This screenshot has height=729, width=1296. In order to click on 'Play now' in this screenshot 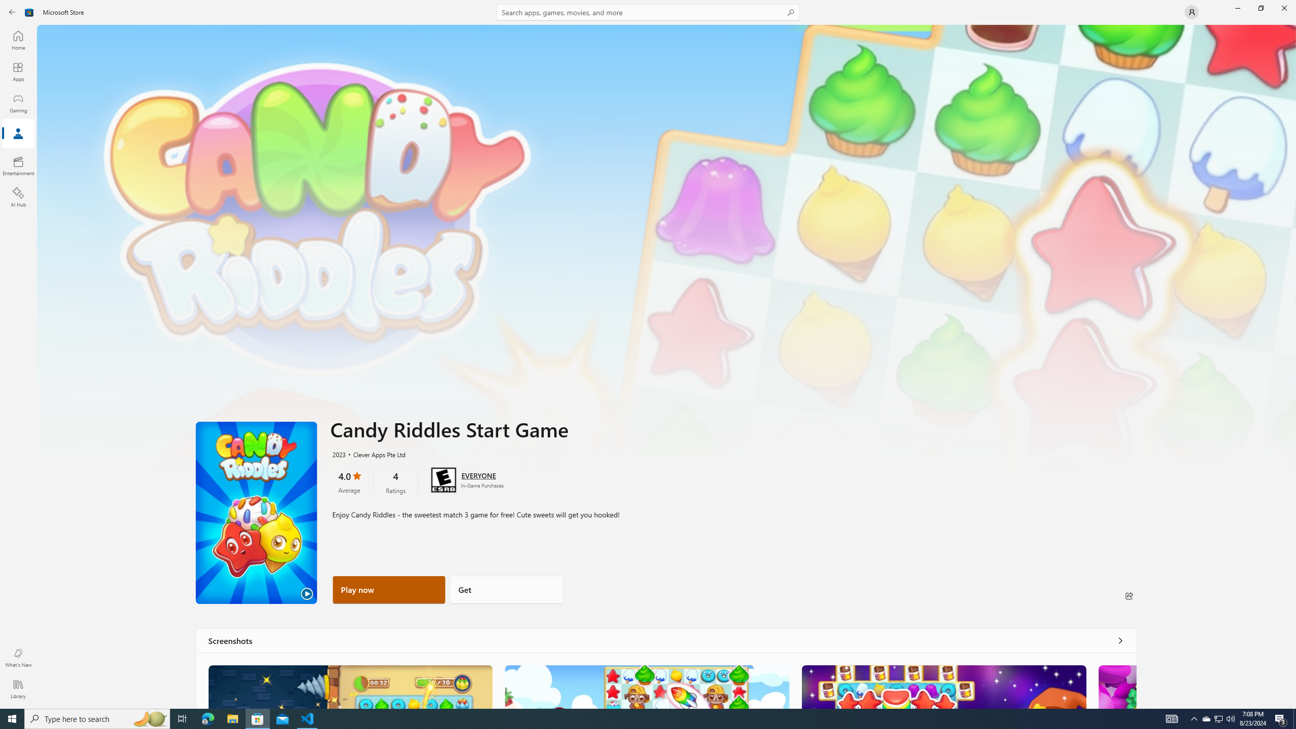, I will do `click(388, 589)`.